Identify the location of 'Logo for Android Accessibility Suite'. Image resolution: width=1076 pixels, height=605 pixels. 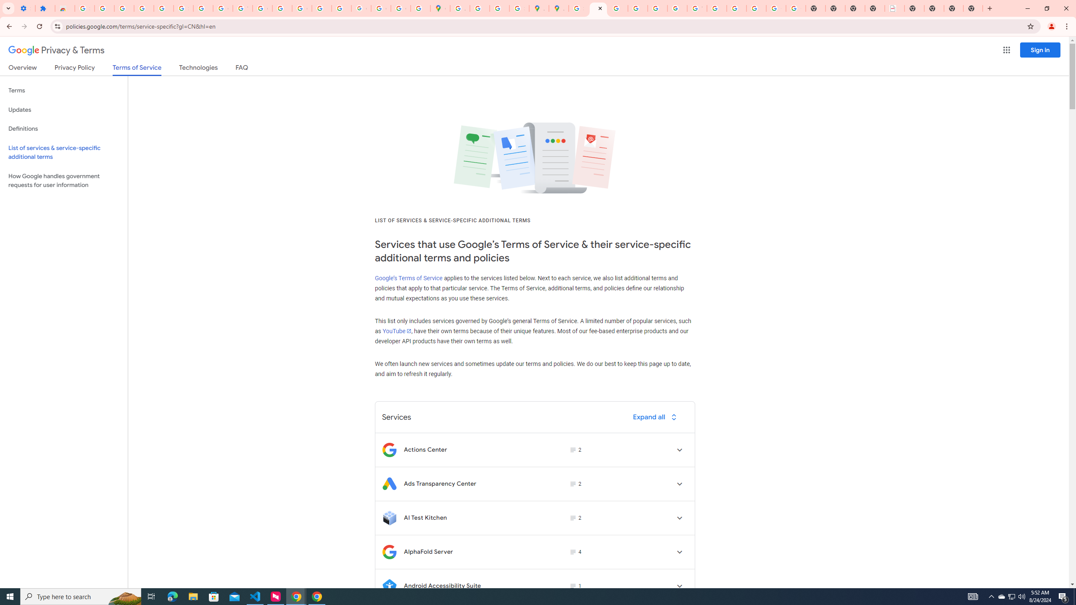
(389, 586).